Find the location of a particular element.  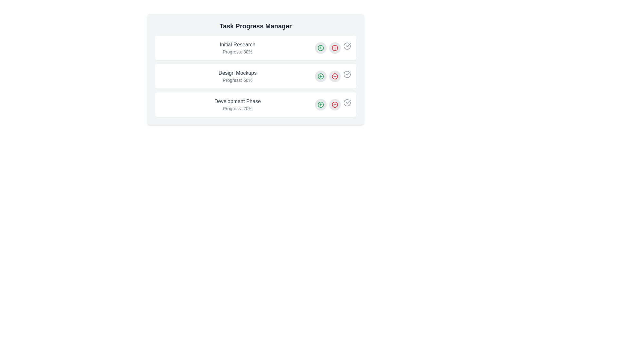

the circular icon with a gray outline and checkmark at its center, located next to the 'Design Mockups' row is located at coordinates (347, 74).